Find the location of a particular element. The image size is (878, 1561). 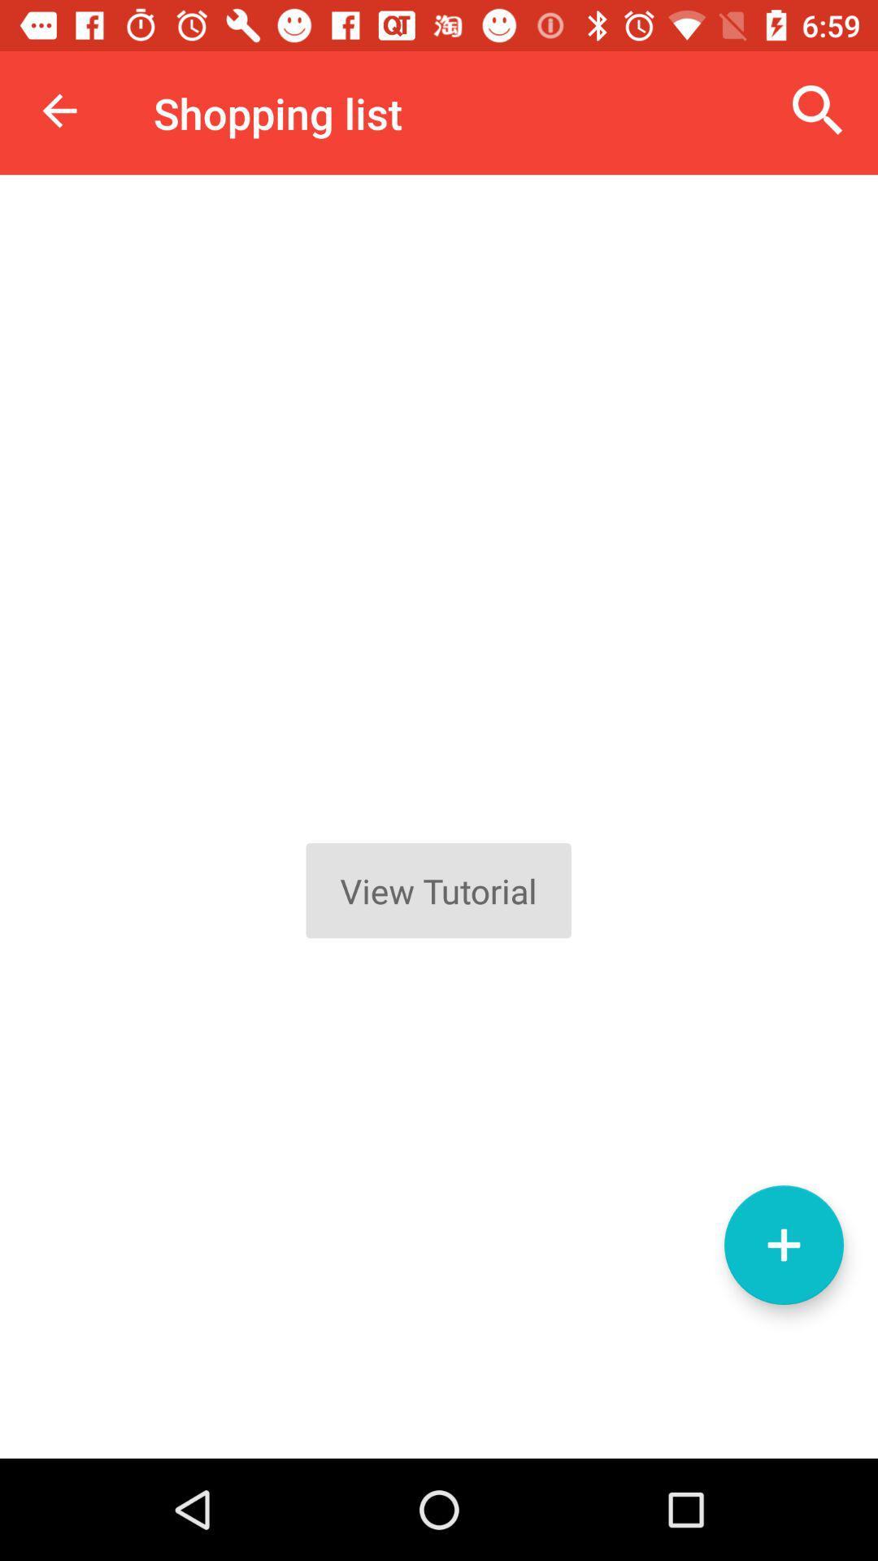

icon to the right of the shopping list is located at coordinates (818, 110).